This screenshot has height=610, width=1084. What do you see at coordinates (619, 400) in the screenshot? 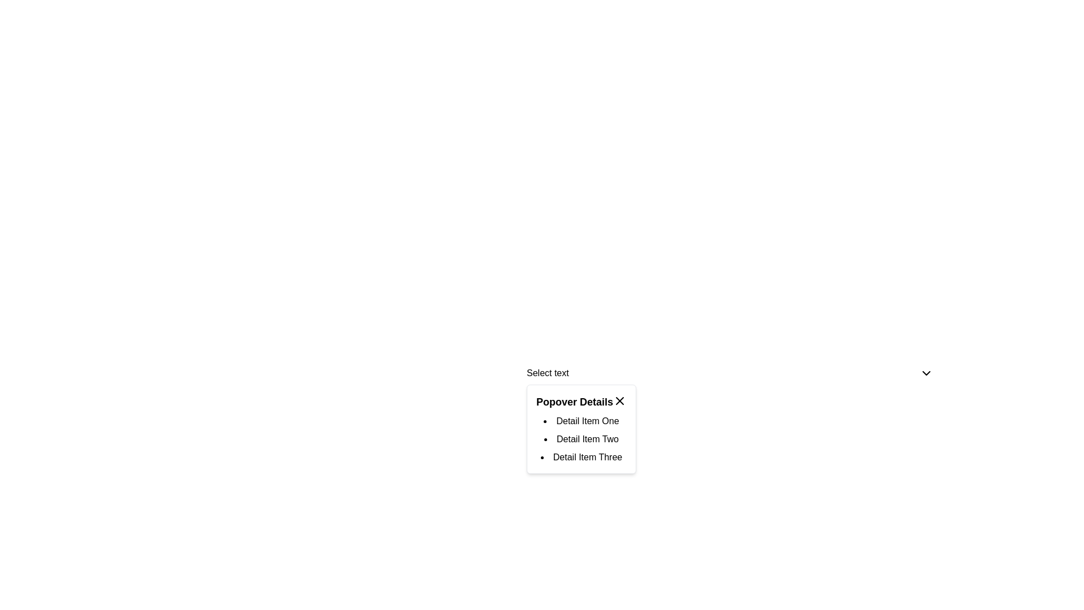
I see `the compact 'X' icon located at the top-right corner of the 'Popover Details' header` at bounding box center [619, 400].